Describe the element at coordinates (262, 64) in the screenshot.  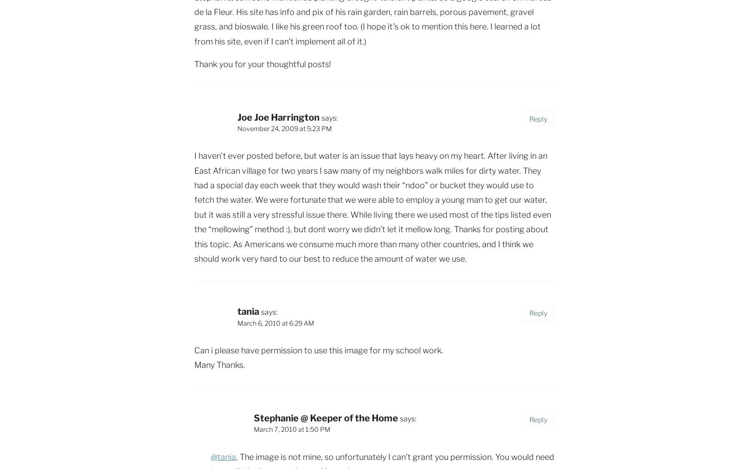
I see `'Thank you for your thoughtful posts!'` at that location.